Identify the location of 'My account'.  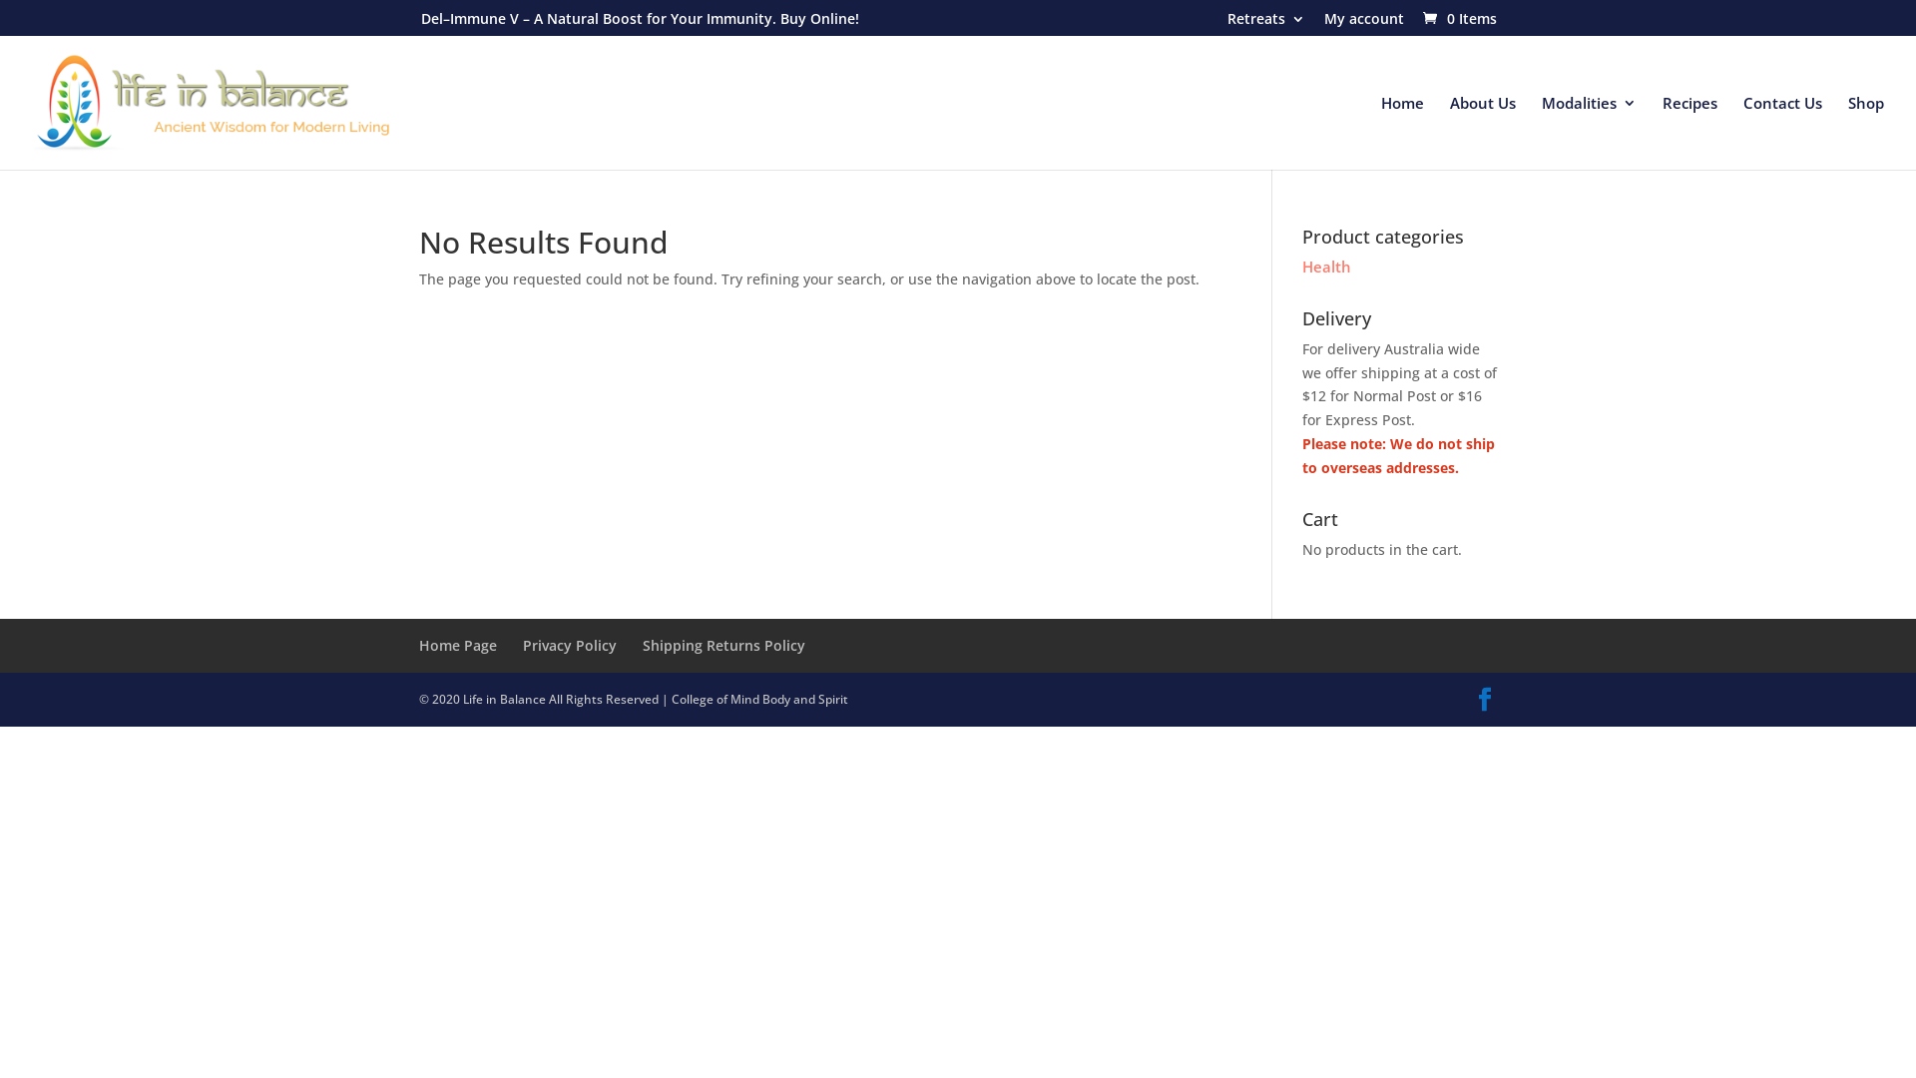
(1363, 24).